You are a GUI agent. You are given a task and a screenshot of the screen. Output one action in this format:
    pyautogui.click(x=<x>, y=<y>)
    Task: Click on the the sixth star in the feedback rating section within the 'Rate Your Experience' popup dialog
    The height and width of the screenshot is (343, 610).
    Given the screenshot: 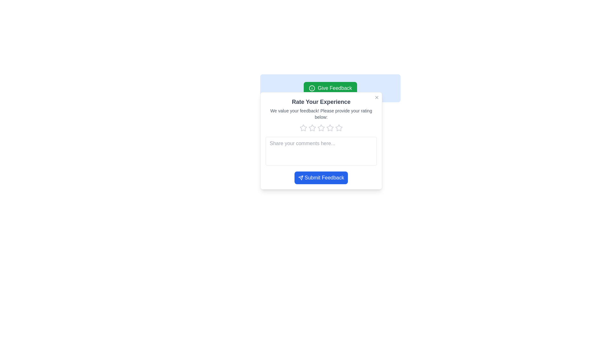 What is the action you would take?
    pyautogui.click(x=330, y=128)
    